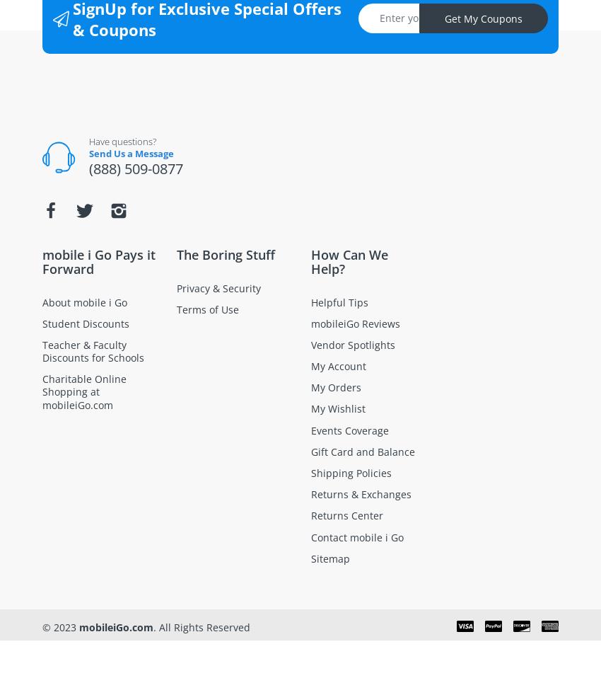 The height and width of the screenshot is (678, 601). What do you see at coordinates (338, 408) in the screenshot?
I see `'My Wishlist'` at bounding box center [338, 408].